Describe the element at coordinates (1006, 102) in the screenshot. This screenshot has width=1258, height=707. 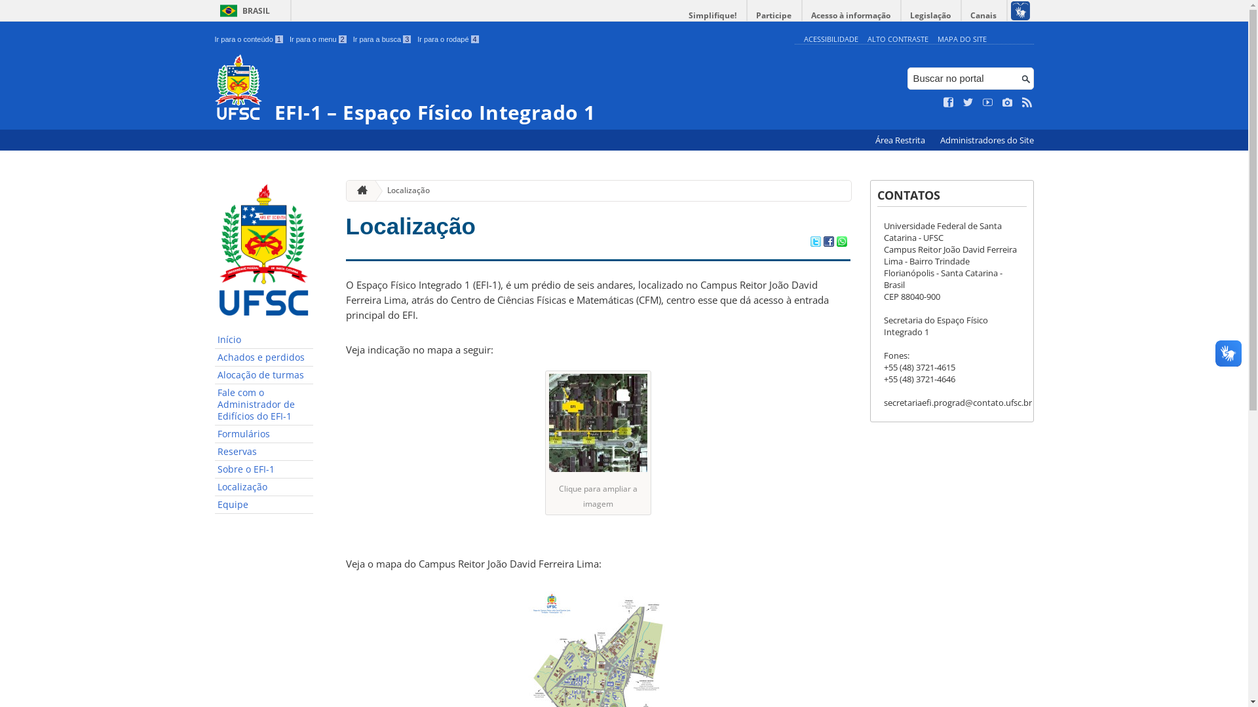
I see `'Veja no Instagram'` at that location.